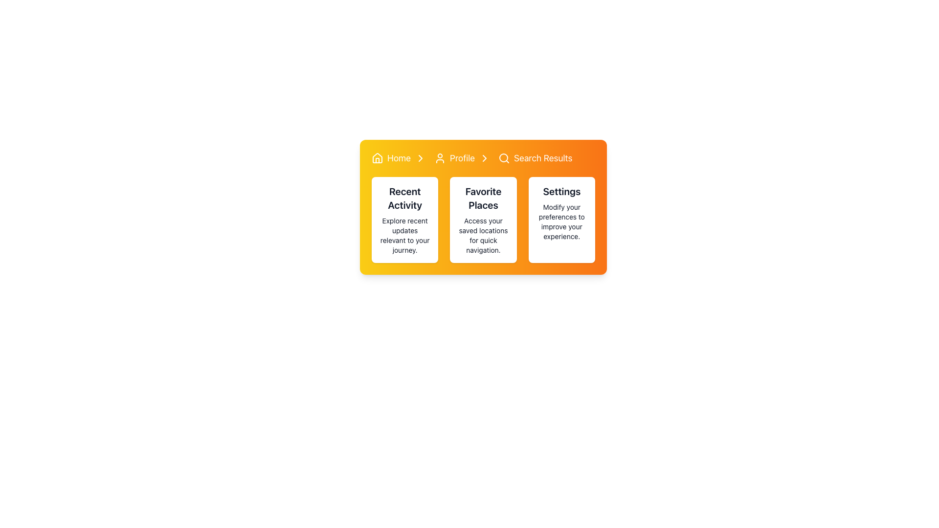 The height and width of the screenshot is (528, 939). Describe the element at coordinates (405, 198) in the screenshot. I see `the static text element labeled 'Recent Activity', which is styled with a bold, extra-large font and positioned at the top of the first white, rounded, shadowed card in a horizontal layout of three cards` at that location.